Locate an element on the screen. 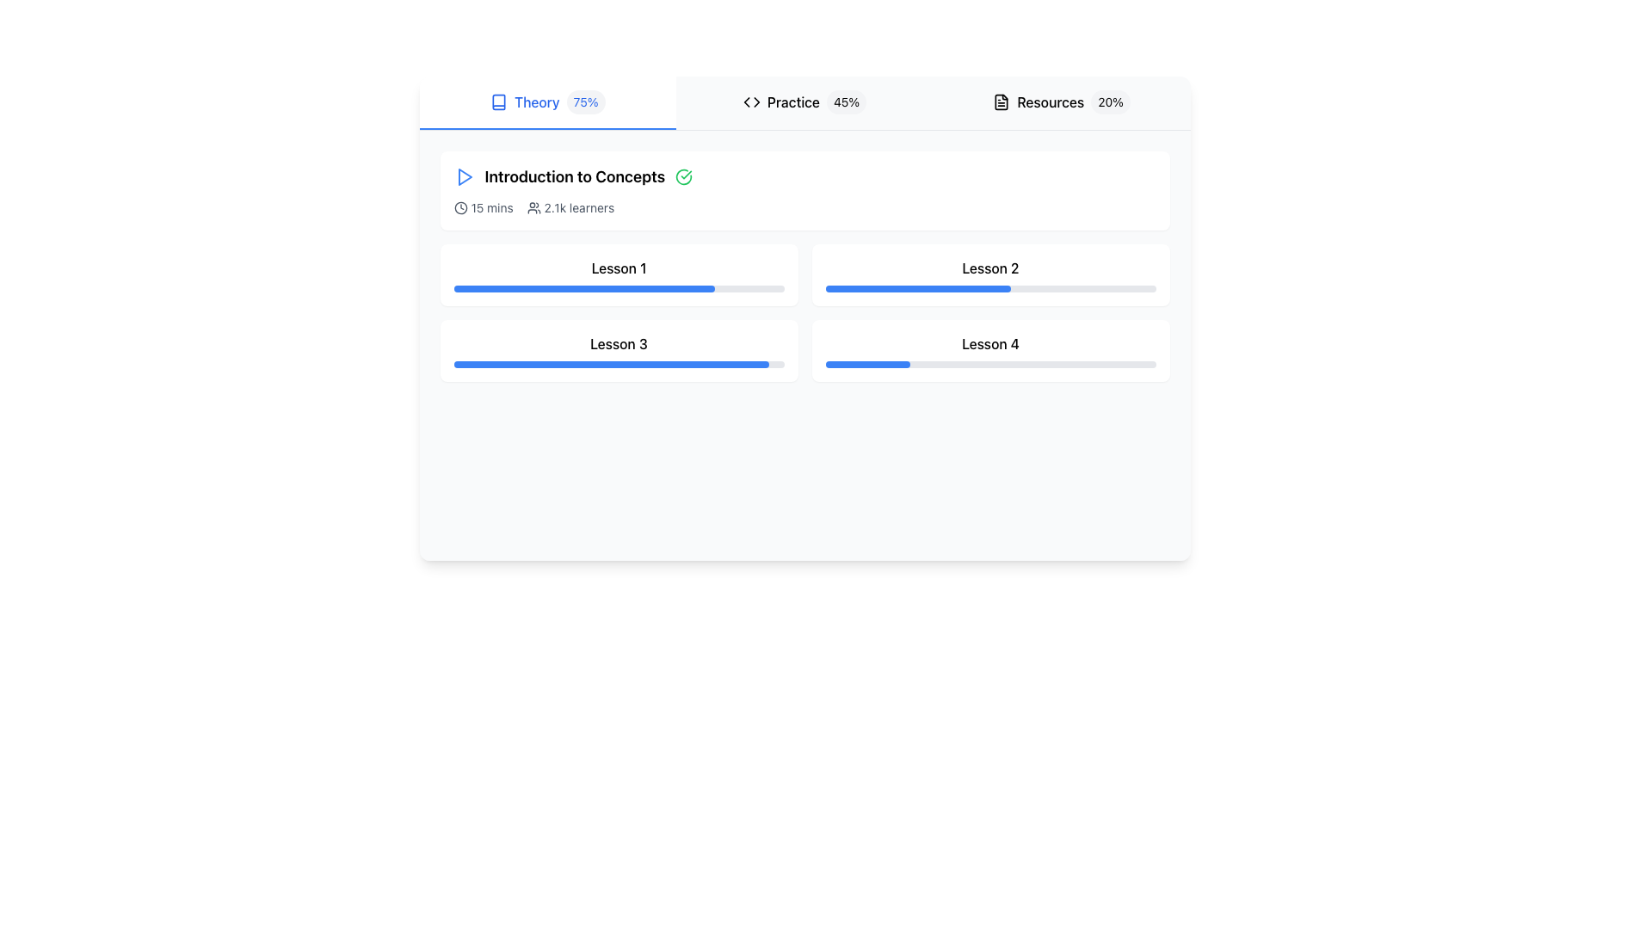 Image resolution: width=1652 pixels, height=929 pixels. text label '15 mins' which is displayed next to a time icon, located under the title 'Introduction to Concepts' is located at coordinates (483, 207).